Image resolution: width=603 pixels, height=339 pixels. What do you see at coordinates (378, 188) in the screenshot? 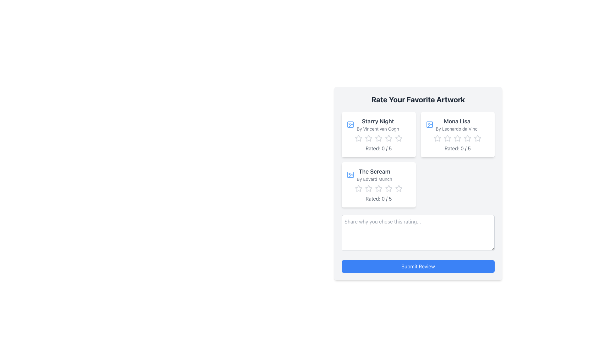
I see `the star-based rating control for the artwork 'The Scream'` at bounding box center [378, 188].